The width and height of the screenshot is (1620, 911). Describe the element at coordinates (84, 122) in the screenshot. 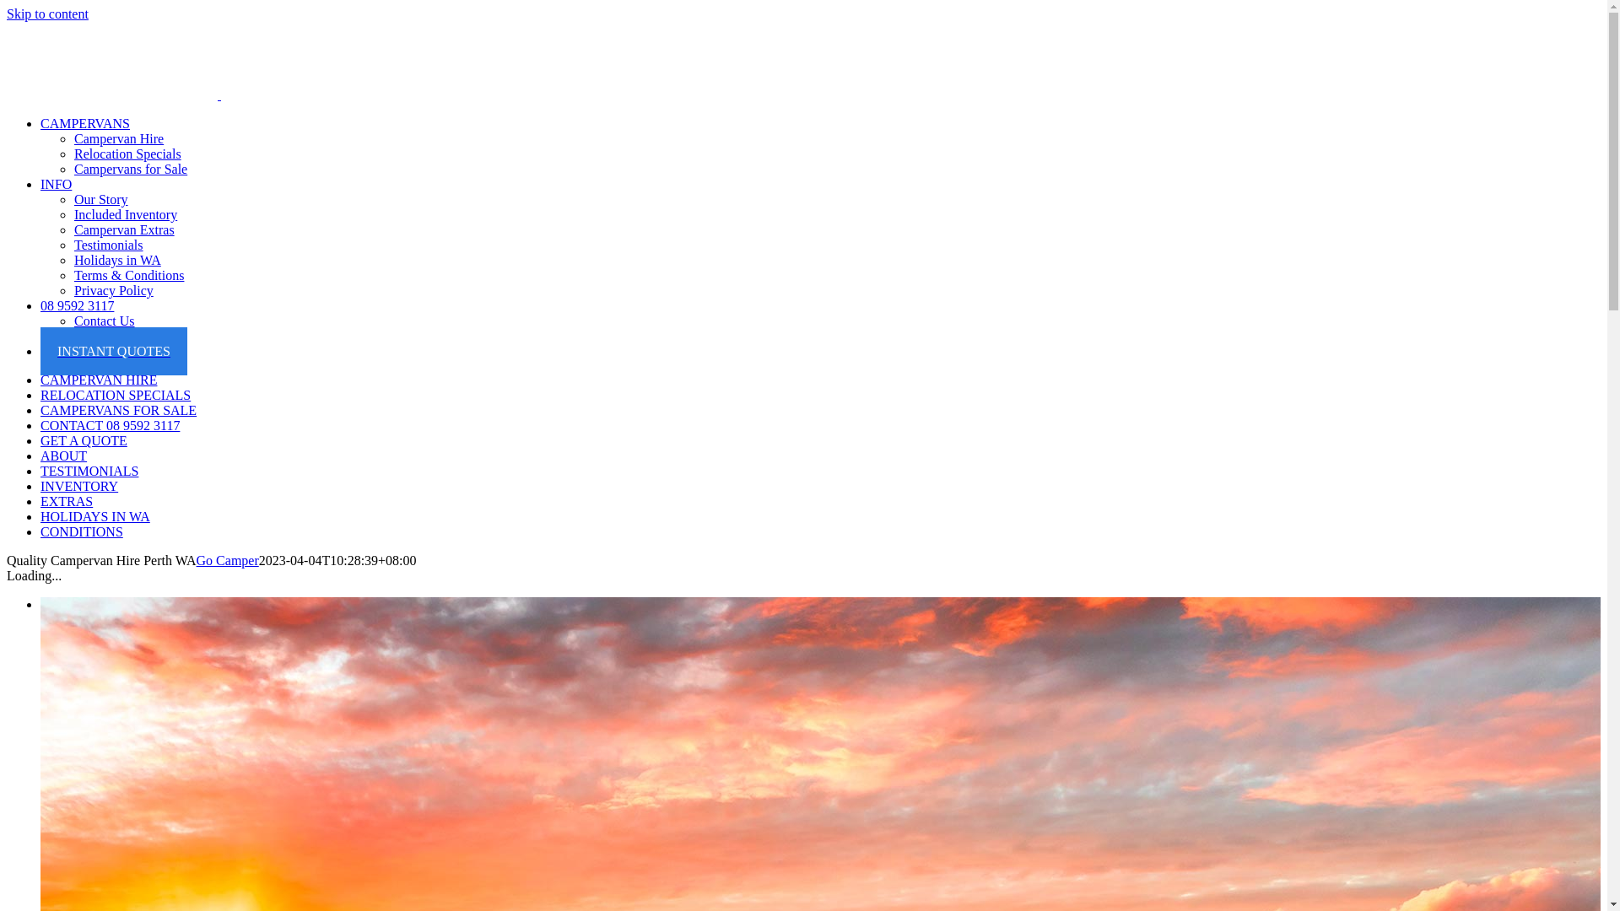

I see `'CAMPERVANS'` at that location.